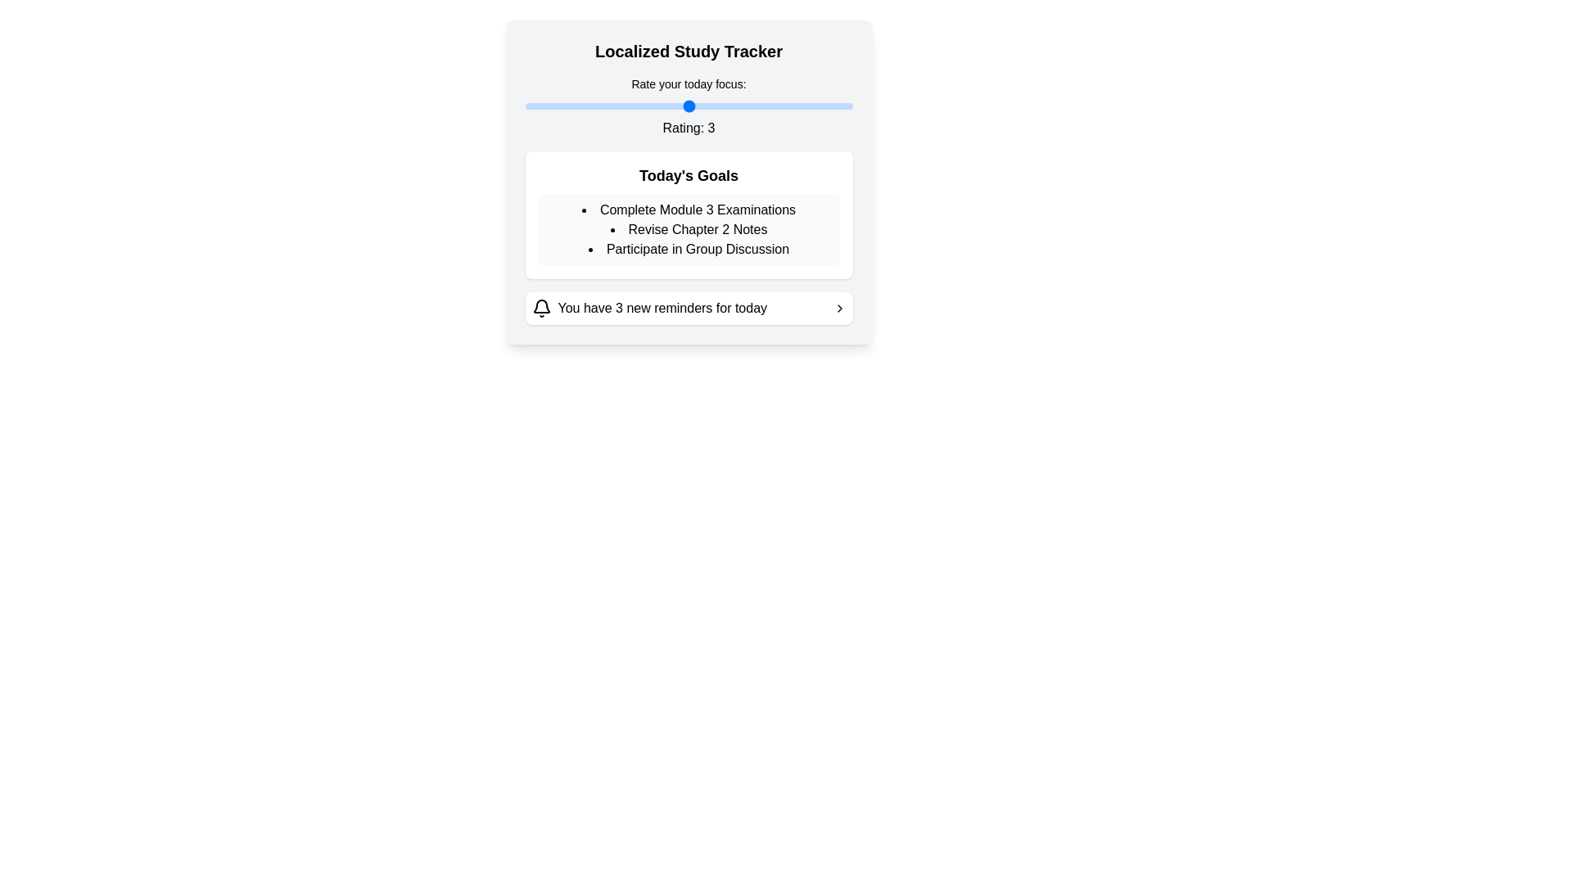 The width and height of the screenshot is (1572, 884). I want to click on the first text element in the 'Today's Goals' section that informs users about completing Module 3 Examinations, so click(689, 210).